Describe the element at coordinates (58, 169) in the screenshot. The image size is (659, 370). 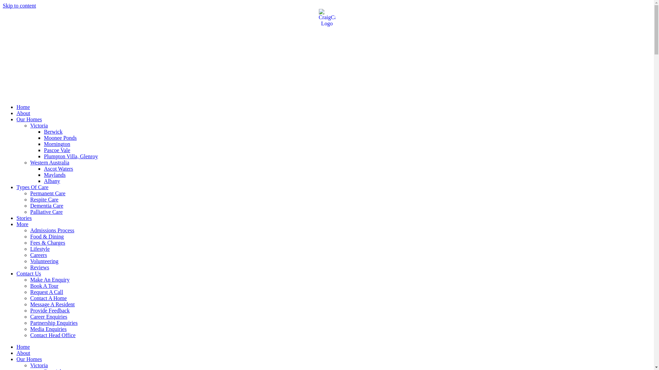
I see `'Ascot Waters'` at that location.